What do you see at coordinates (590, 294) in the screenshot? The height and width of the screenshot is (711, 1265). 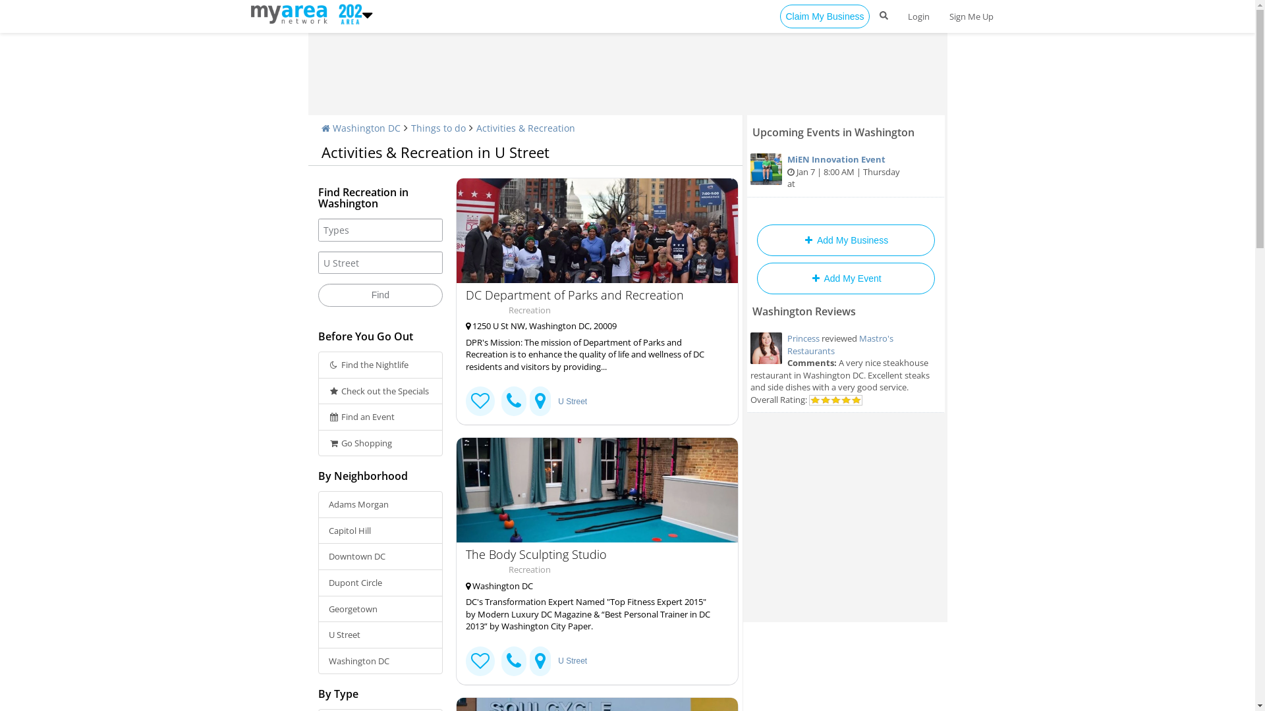 I see `'DC Department of Parks and Recreation'` at bounding box center [590, 294].